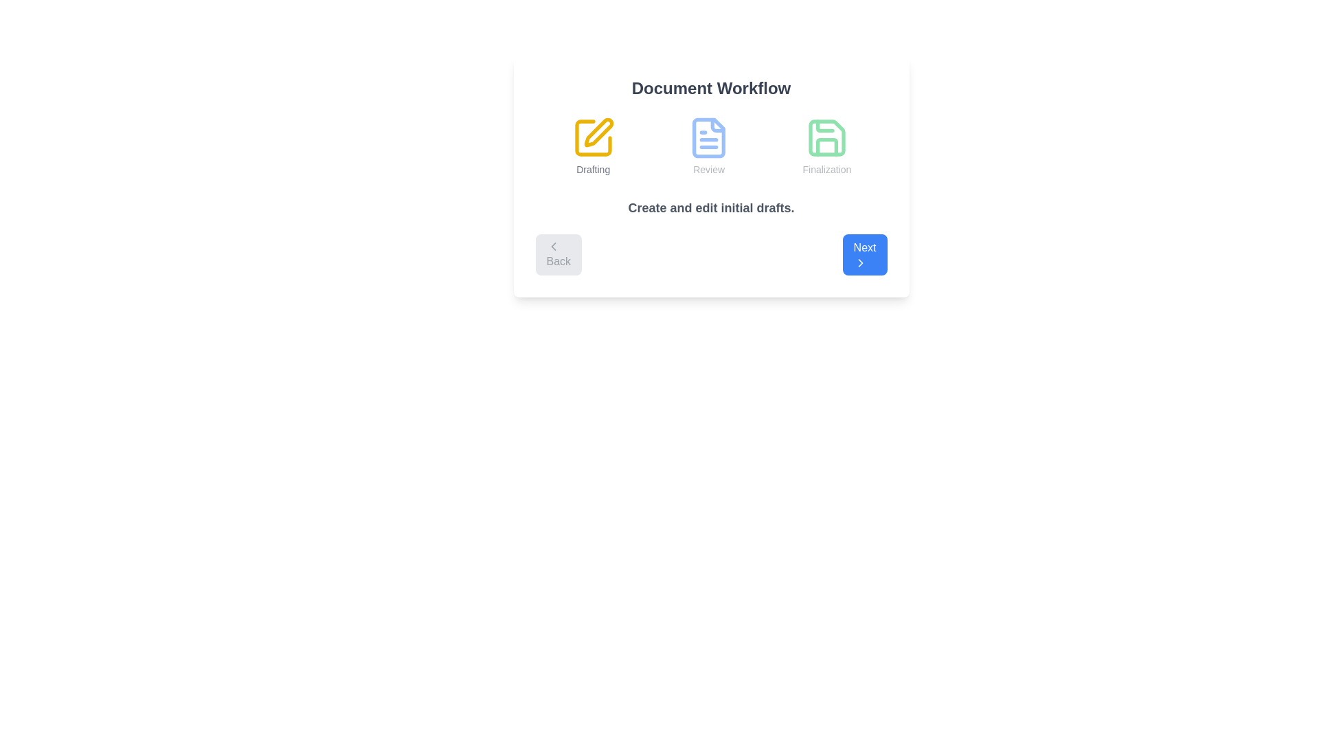  I want to click on the static text label displaying 'Create and edit initial drafts.' which is centered above the 'Back' and 'Next' buttons, so click(711, 208).